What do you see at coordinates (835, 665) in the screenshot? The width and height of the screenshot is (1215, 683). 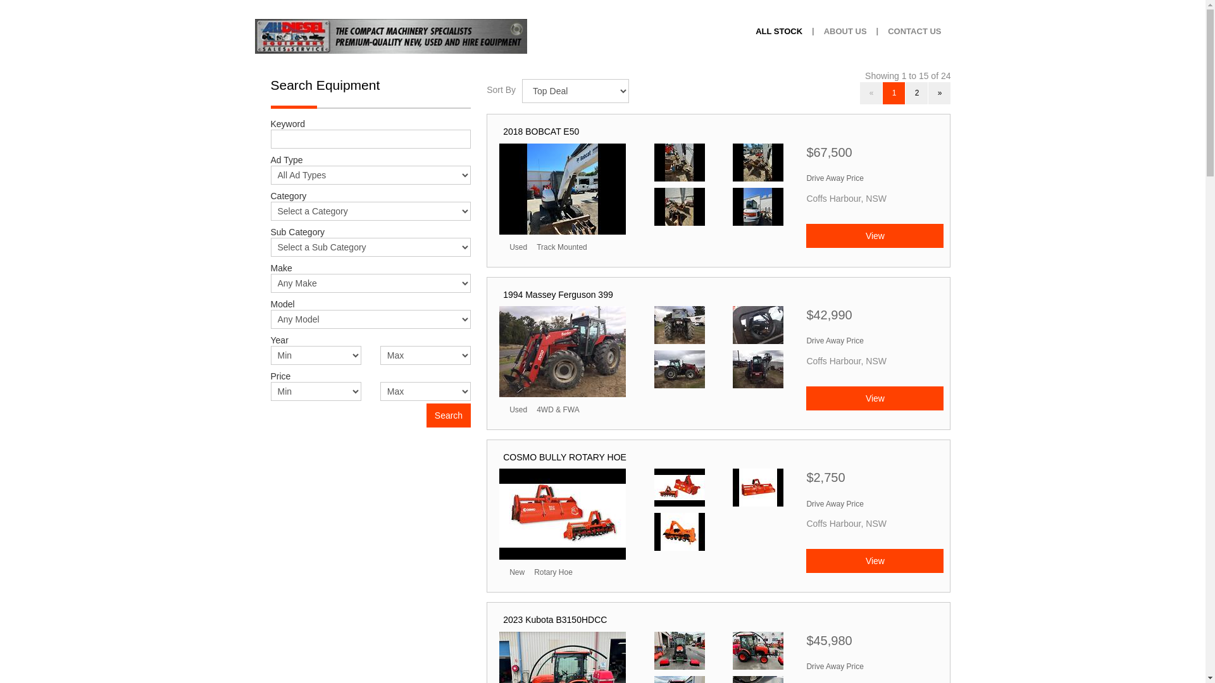 I see `'Drive Away Price'` at bounding box center [835, 665].